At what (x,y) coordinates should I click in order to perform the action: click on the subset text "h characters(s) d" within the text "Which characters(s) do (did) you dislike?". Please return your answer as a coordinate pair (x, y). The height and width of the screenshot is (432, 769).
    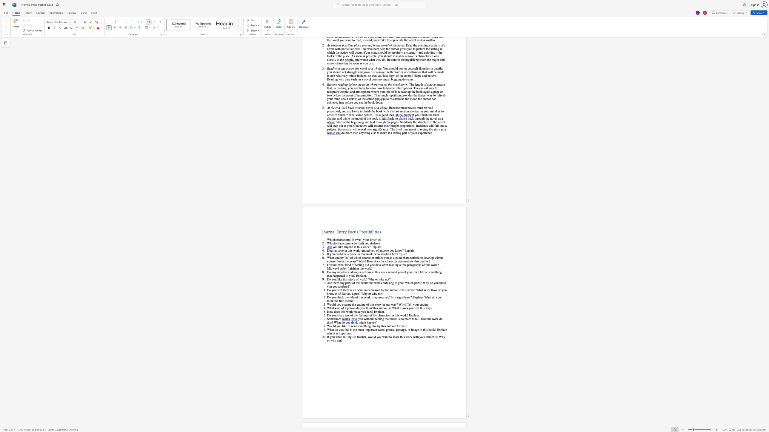
    Looking at the image, I should click on (334, 243).